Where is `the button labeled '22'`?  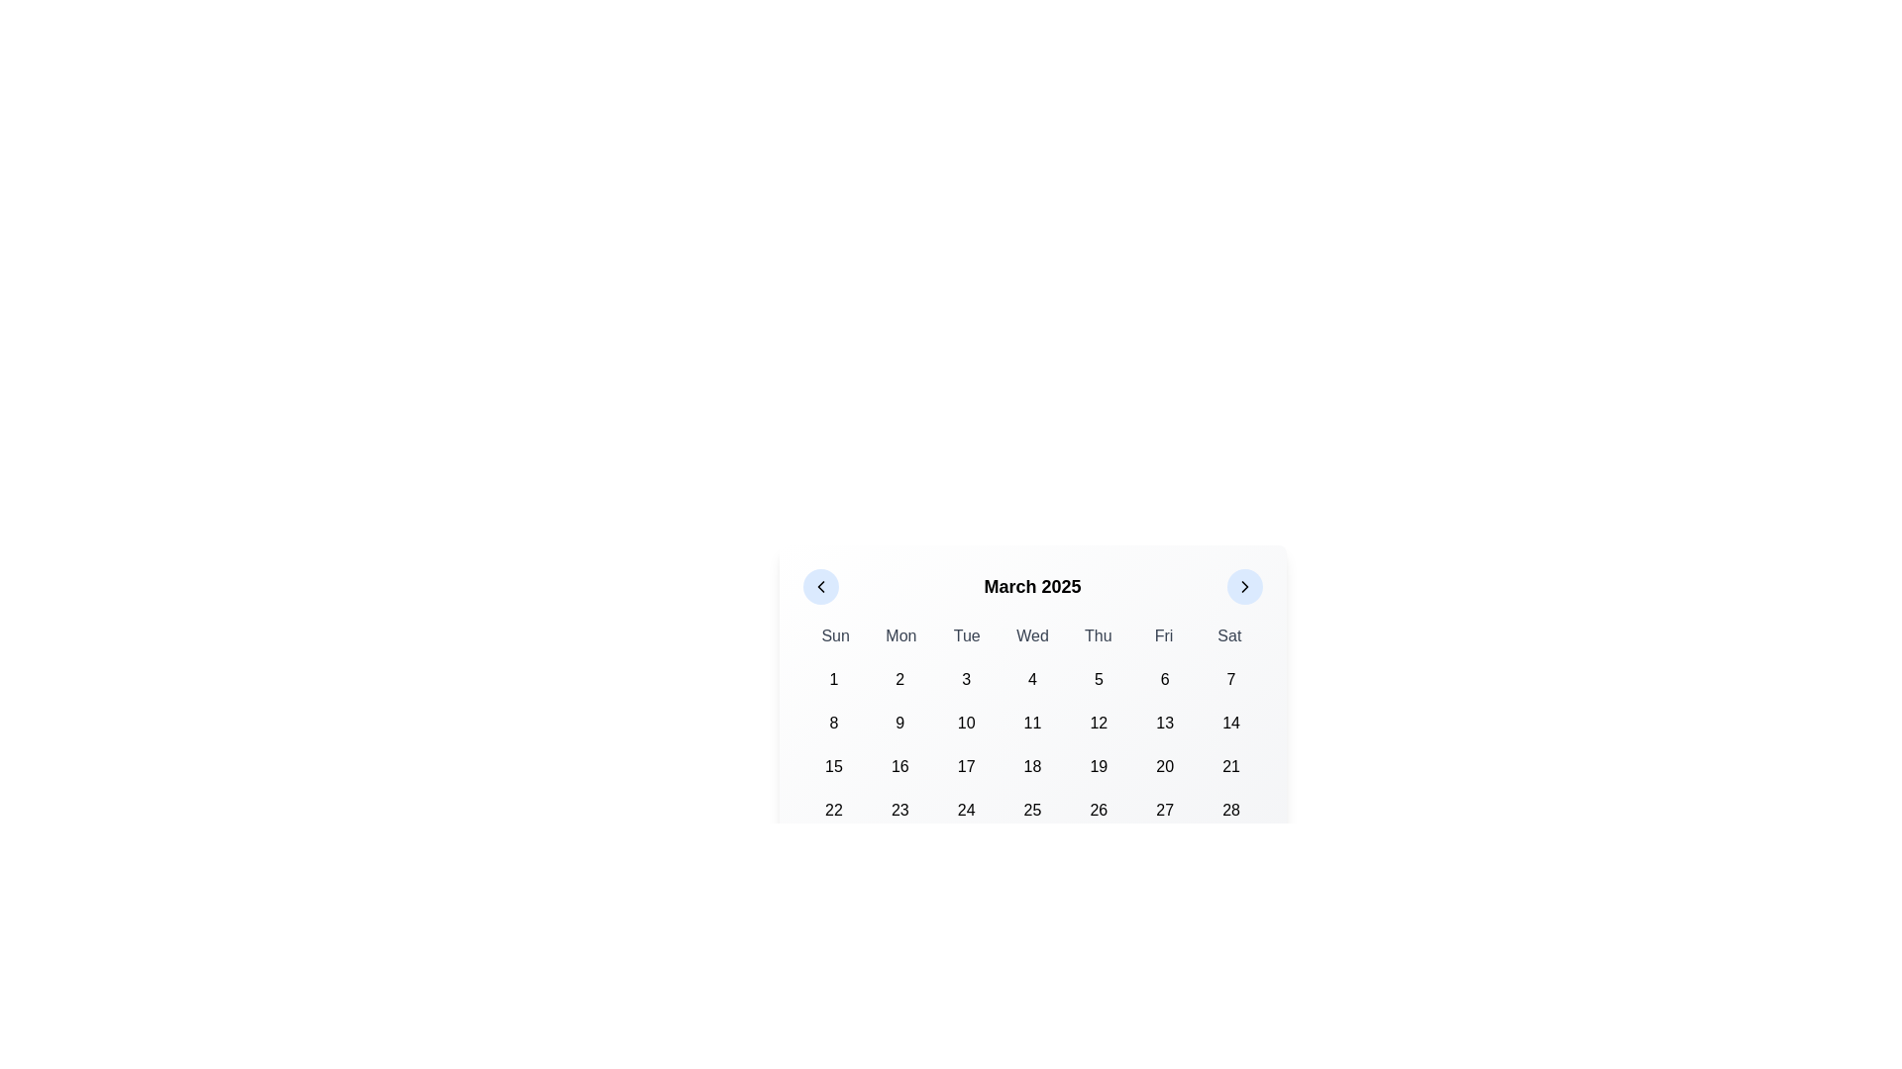 the button labeled '22' is located at coordinates (833, 810).